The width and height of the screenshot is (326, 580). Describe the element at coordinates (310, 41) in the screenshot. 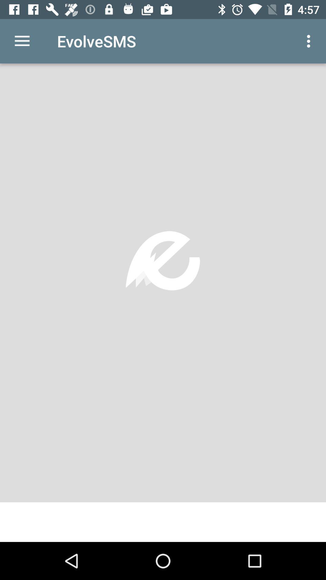

I see `item to the right of the evolvesms` at that location.